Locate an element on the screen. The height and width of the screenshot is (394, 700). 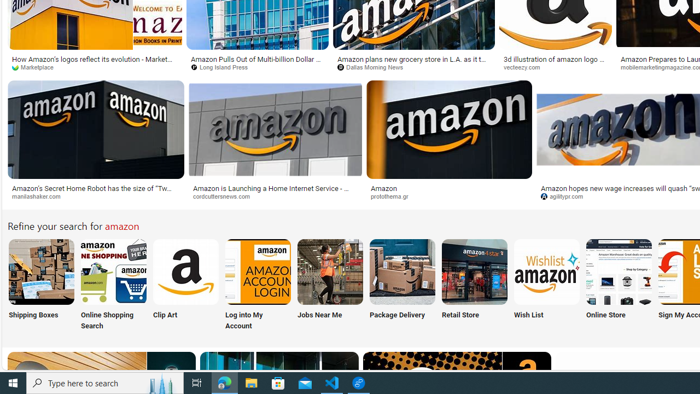
'Marketplace' is located at coordinates (37, 67).